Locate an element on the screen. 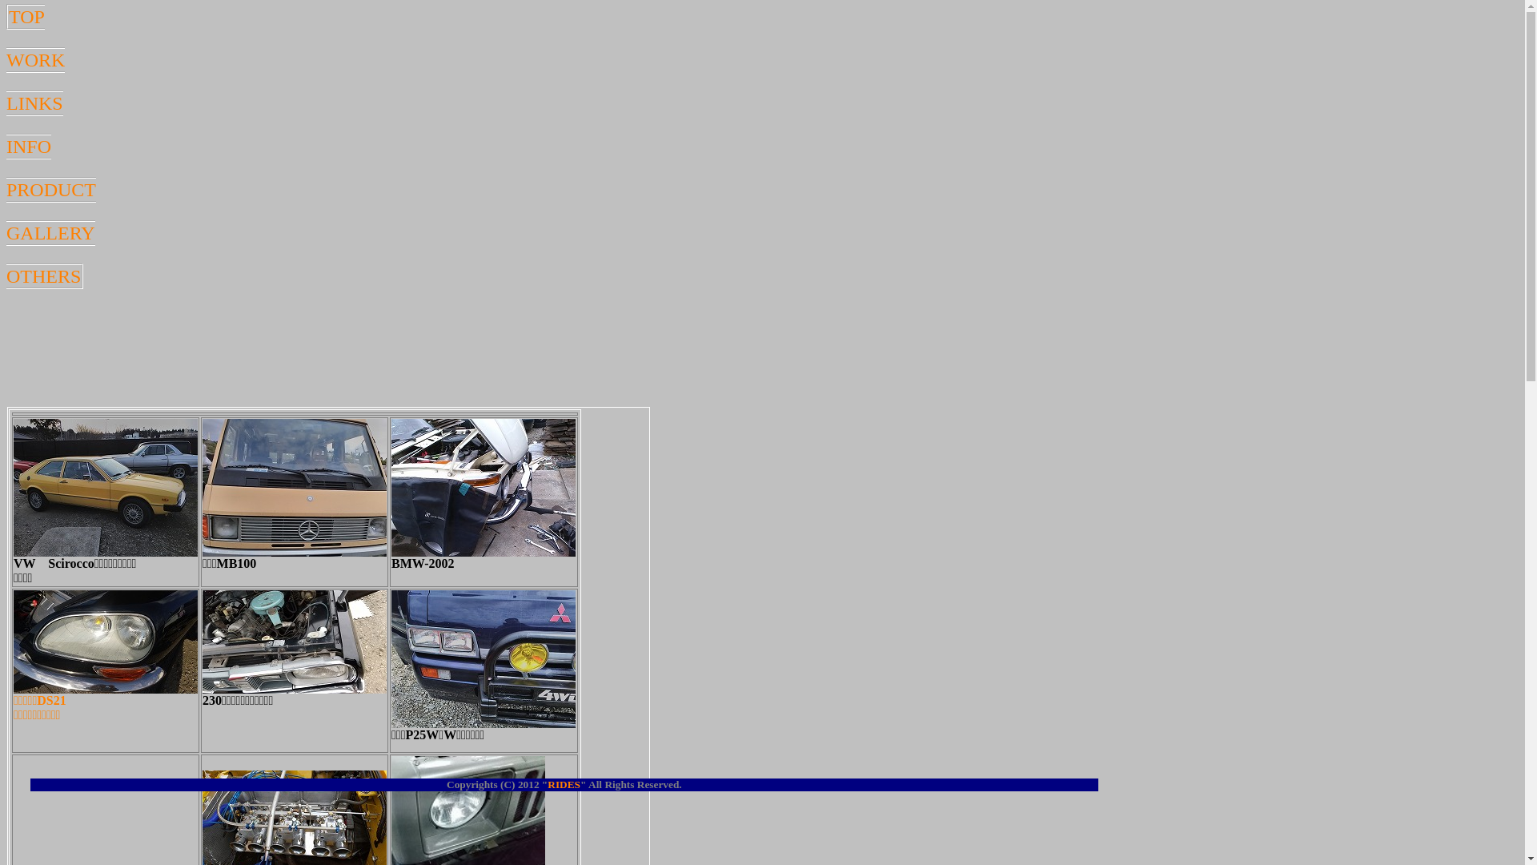 The image size is (1537, 865). 'RIDES' is located at coordinates (564, 783).